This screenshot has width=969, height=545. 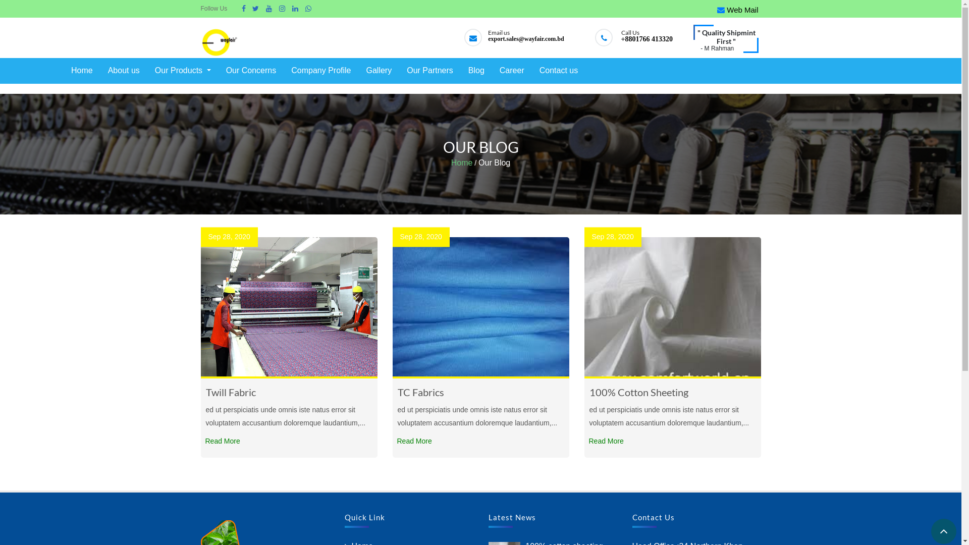 What do you see at coordinates (222, 441) in the screenshot?
I see `'Read More'` at bounding box center [222, 441].